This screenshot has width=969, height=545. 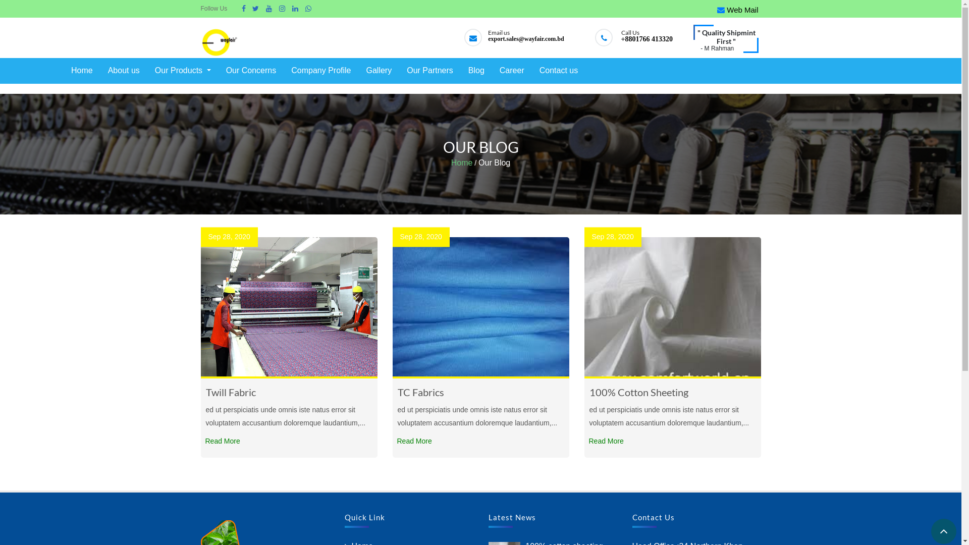 What do you see at coordinates (222, 441) in the screenshot?
I see `'Read More'` at bounding box center [222, 441].